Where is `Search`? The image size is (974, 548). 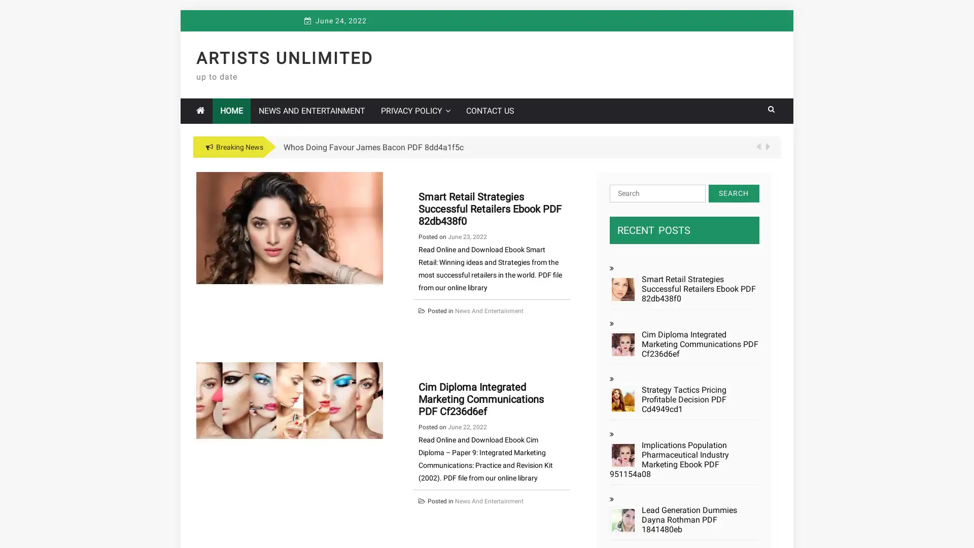 Search is located at coordinates (733, 193).